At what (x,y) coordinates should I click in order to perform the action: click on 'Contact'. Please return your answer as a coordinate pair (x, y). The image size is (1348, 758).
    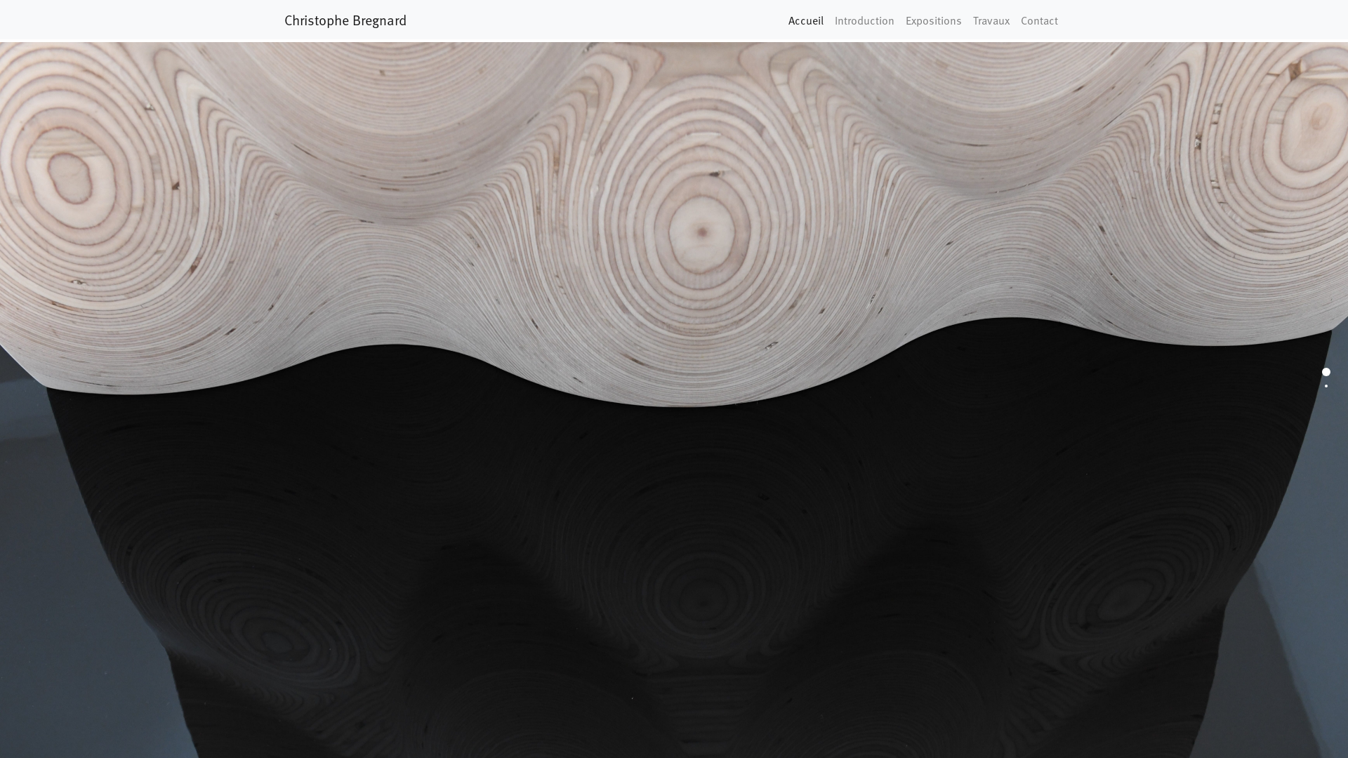
    Looking at the image, I should click on (1039, 19).